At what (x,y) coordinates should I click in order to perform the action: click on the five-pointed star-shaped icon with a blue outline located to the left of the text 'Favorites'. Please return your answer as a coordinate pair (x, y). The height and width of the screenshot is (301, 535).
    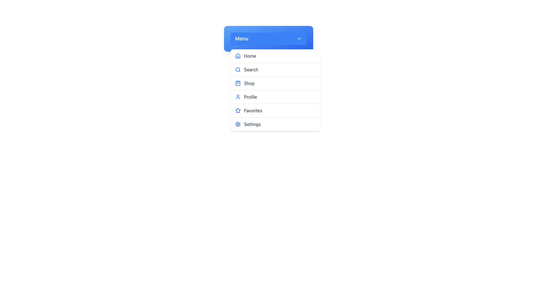
    Looking at the image, I should click on (238, 111).